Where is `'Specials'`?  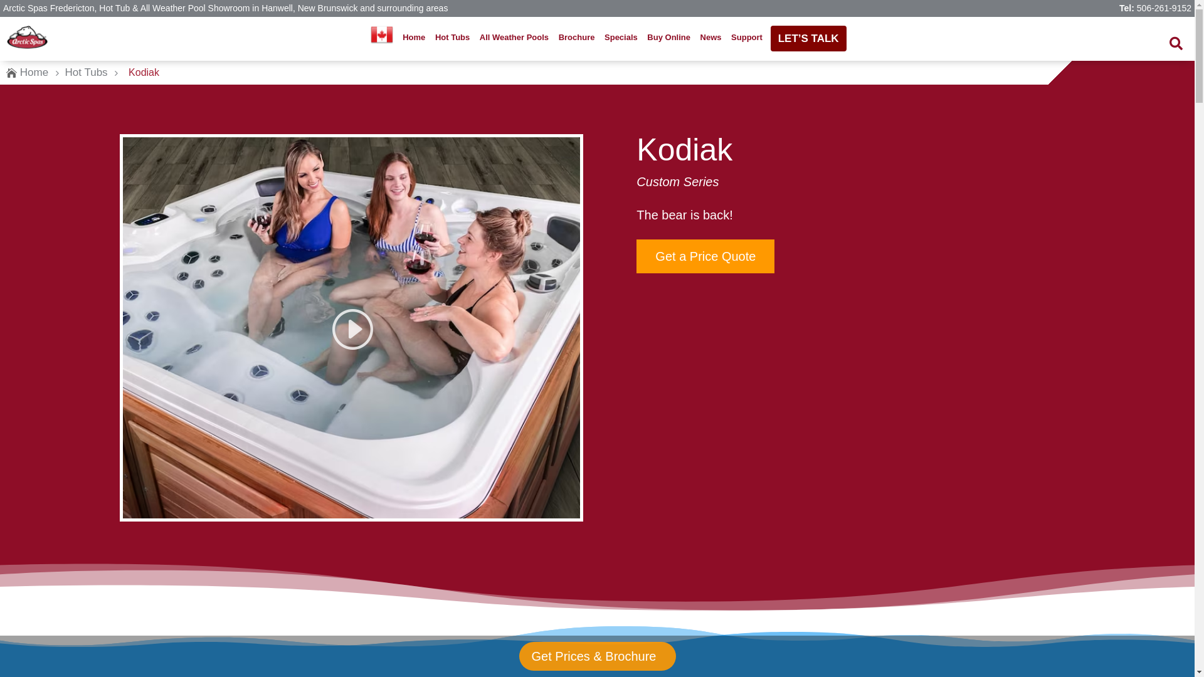
'Specials' is located at coordinates (621, 36).